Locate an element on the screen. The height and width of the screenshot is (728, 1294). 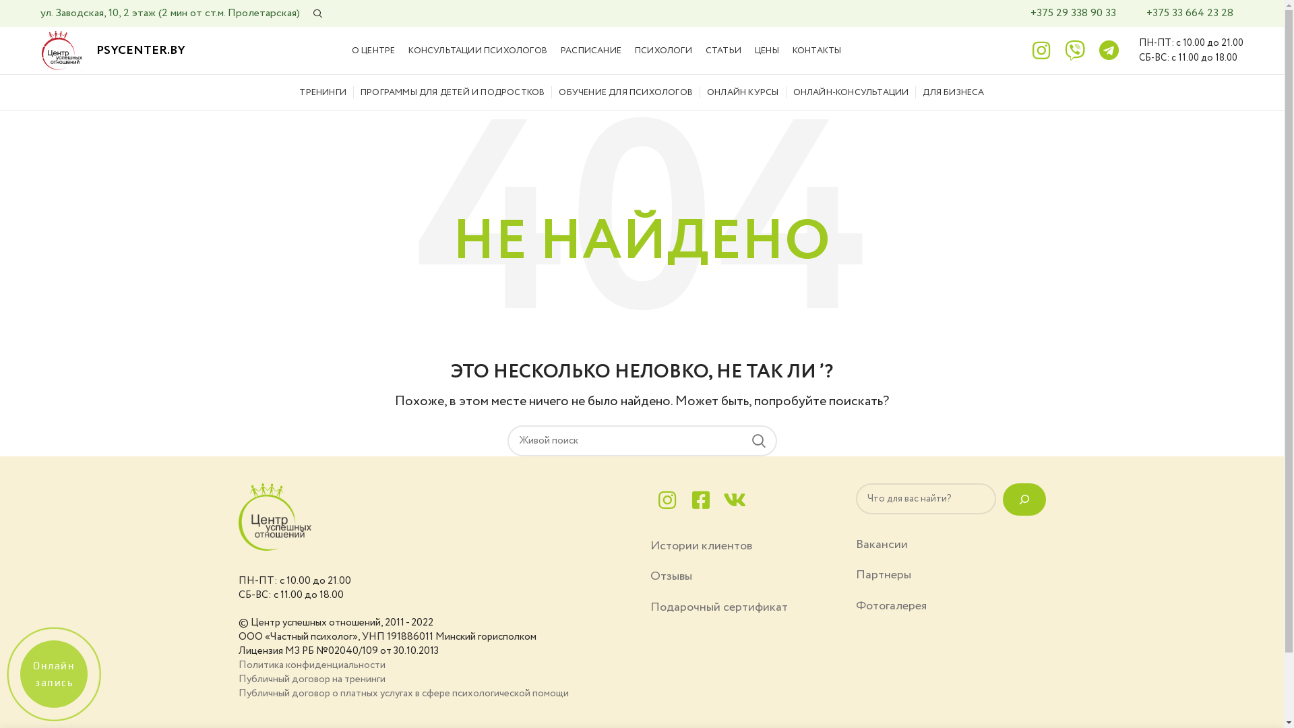
'facebook' is located at coordinates (700, 499).